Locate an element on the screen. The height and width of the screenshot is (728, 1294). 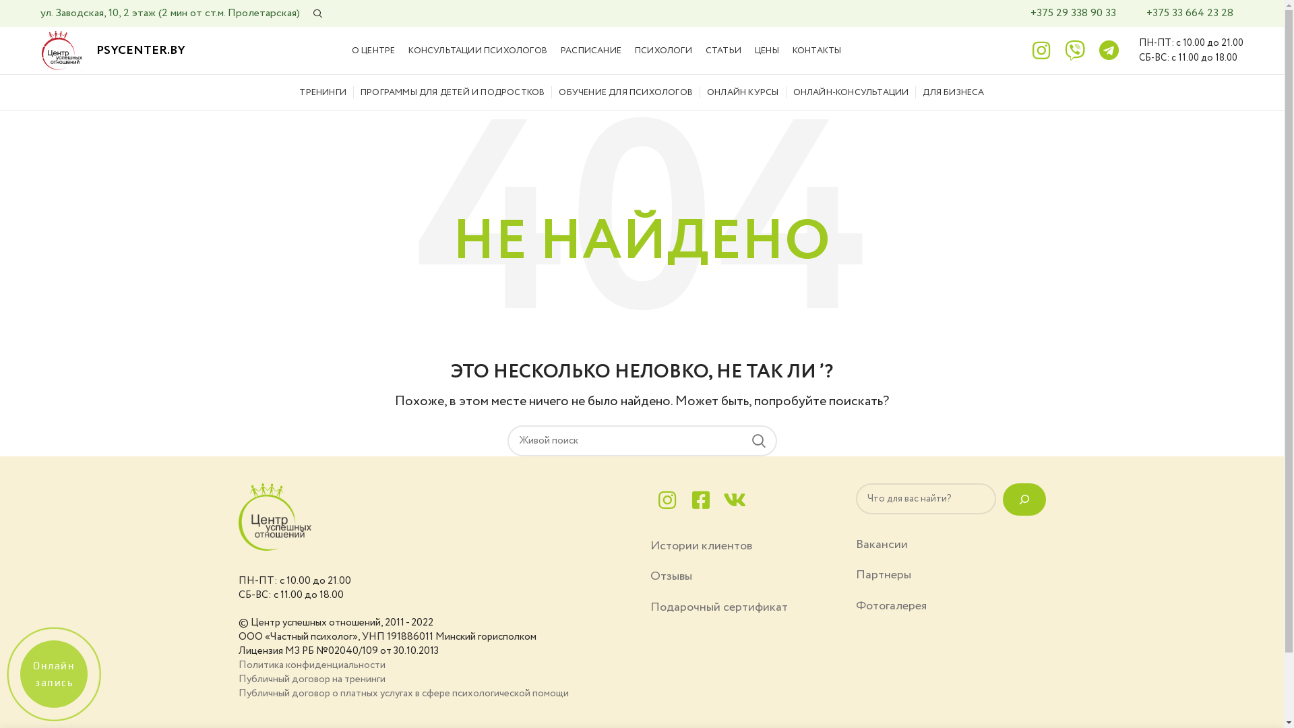
'facebook' is located at coordinates (700, 499).